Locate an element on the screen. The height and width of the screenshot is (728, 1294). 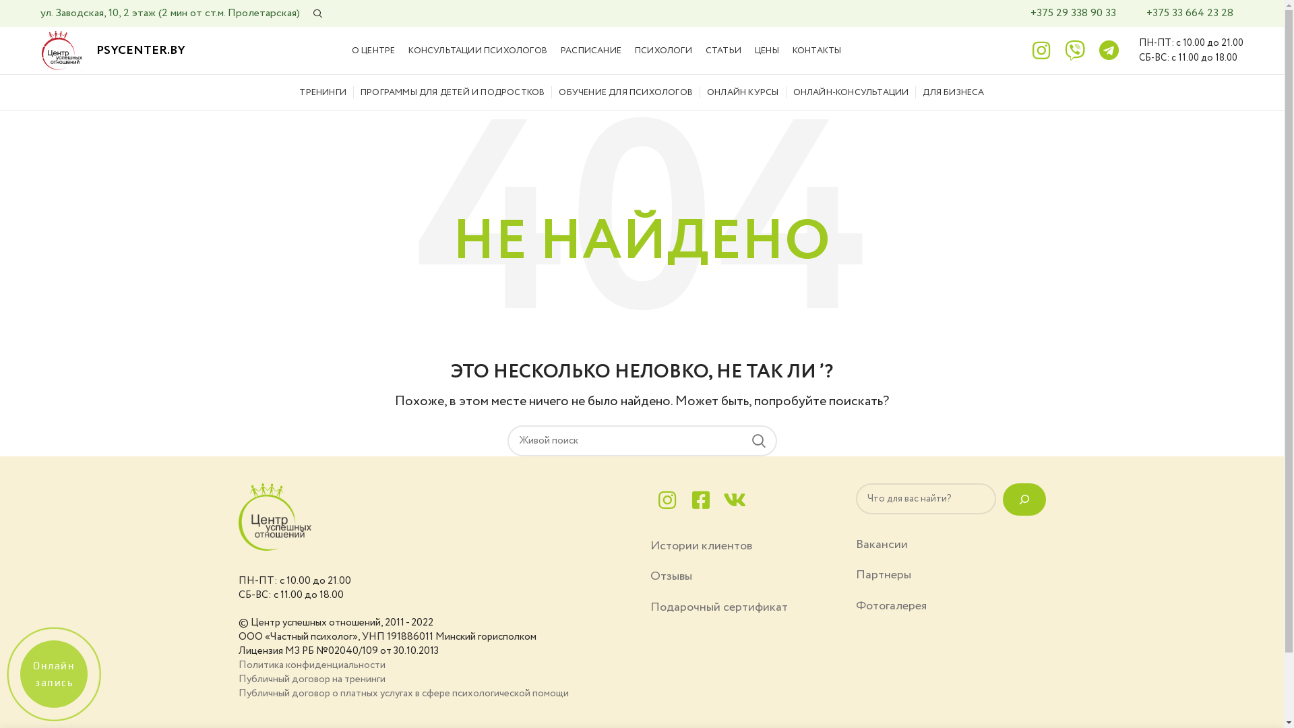
'facebook' is located at coordinates (700, 499).